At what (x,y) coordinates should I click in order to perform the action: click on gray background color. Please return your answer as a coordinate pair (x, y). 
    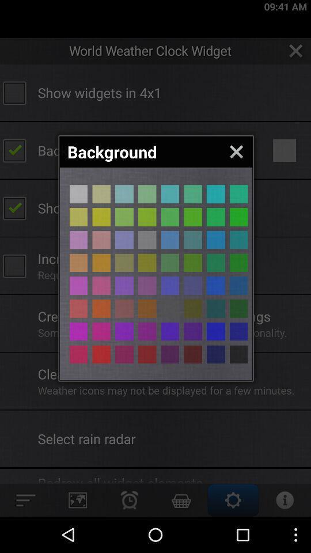
    Looking at the image, I should click on (78, 216).